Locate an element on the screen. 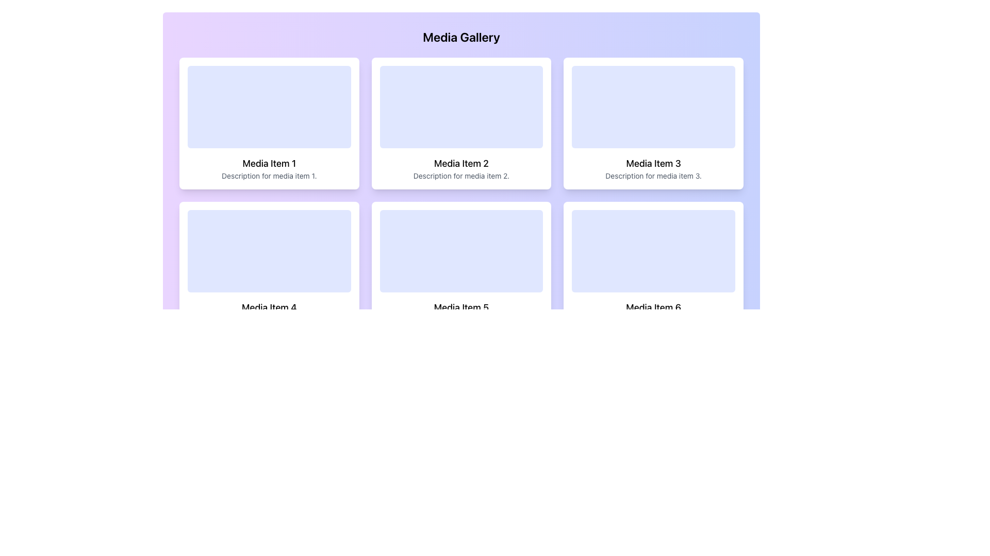  the media card component located in the top-right corner of the grid, which displays a media-related item with its title and description is located at coordinates (653, 123).